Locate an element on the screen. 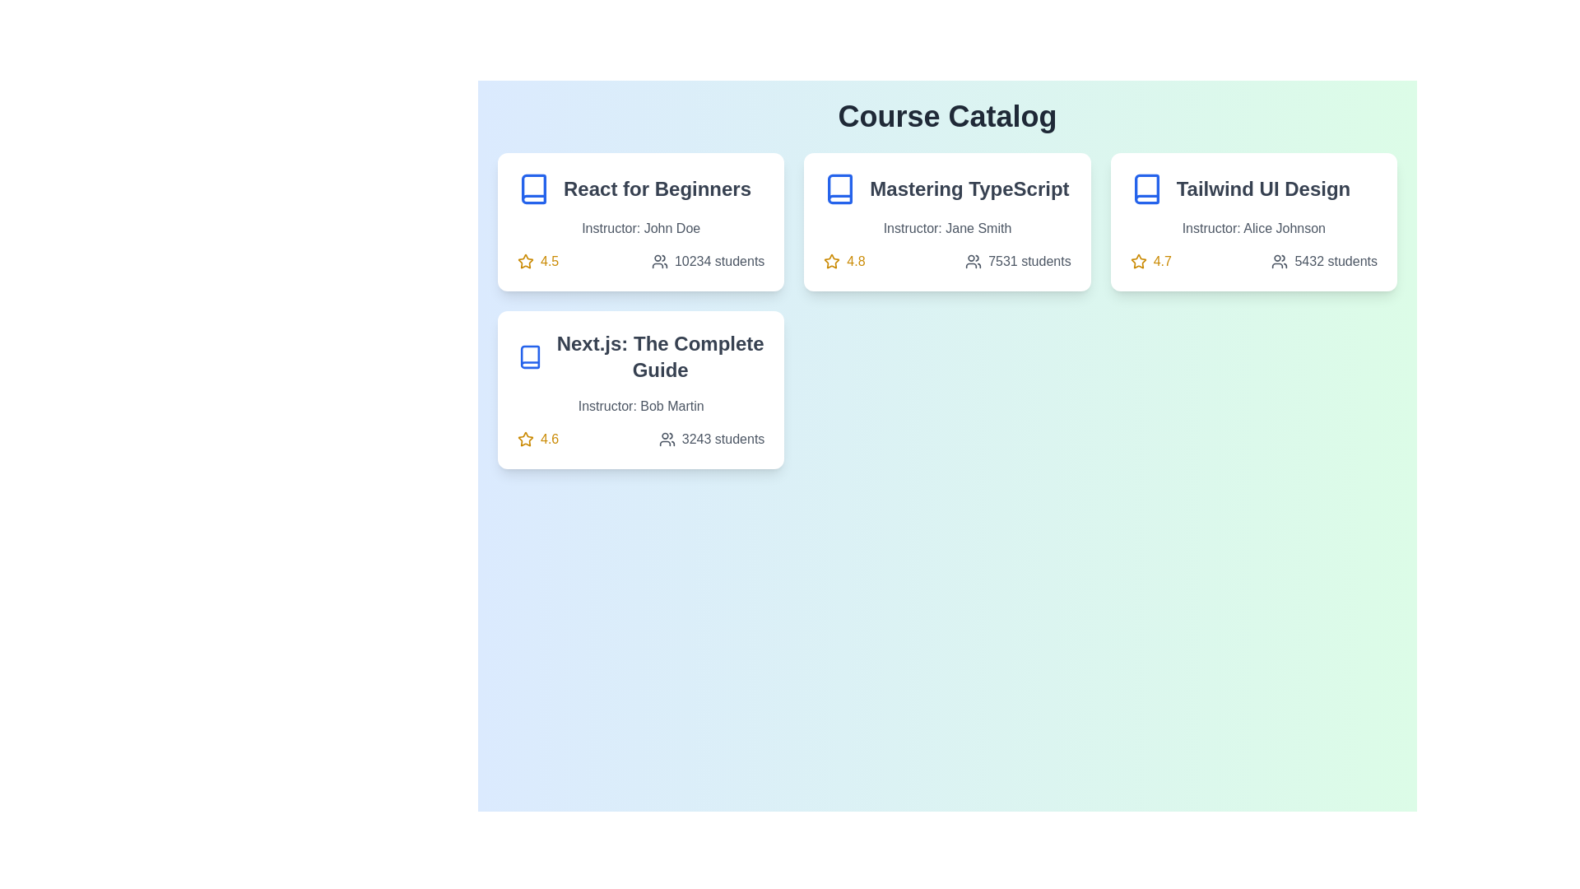 This screenshot has width=1580, height=889. text displaying the number of students enrolled in the 'Next.js: The Complete Guide' course, located beside the user icon and below the course rating information is located at coordinates (723, 438).